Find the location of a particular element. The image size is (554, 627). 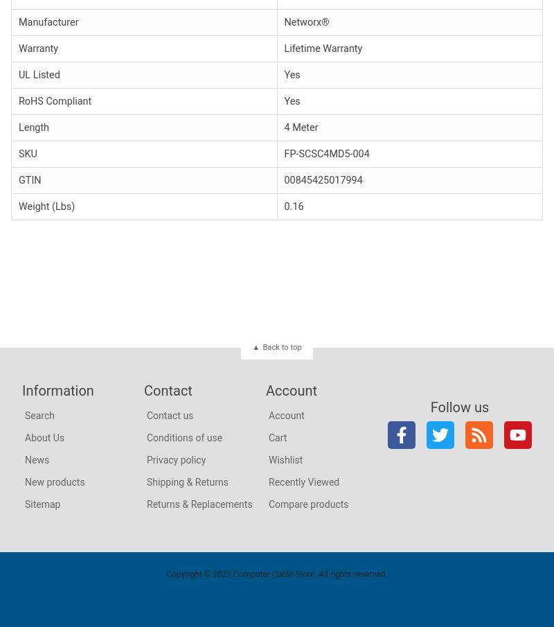

'Manufacturer' is located at coordinates (48, 21).